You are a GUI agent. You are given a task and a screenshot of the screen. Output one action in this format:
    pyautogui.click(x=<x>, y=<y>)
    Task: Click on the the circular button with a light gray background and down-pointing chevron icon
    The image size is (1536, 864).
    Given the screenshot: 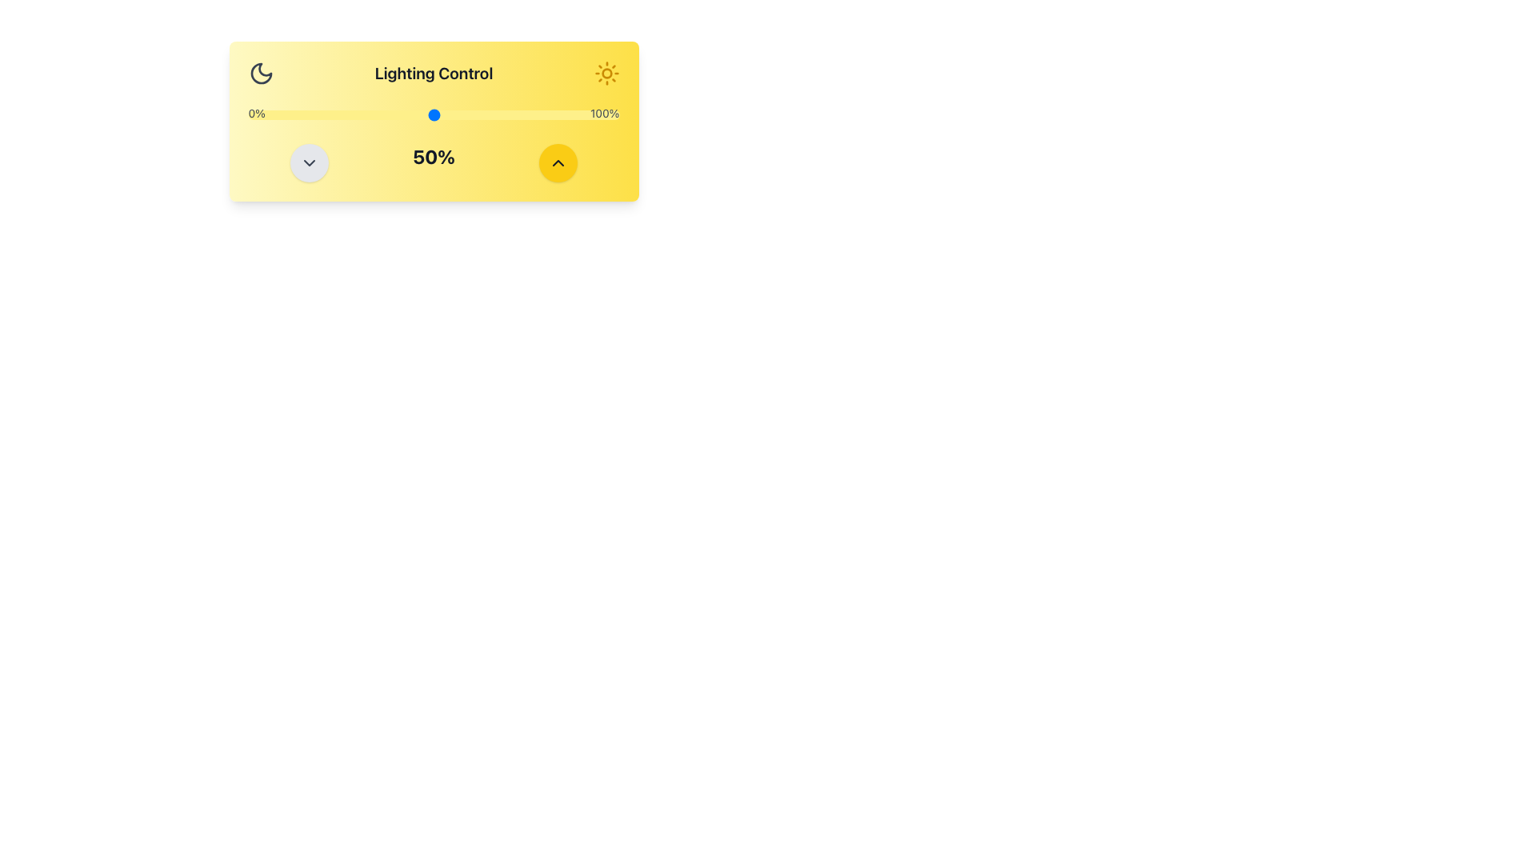 What is the action you would take?
    pyautogui.click(x=309, y=163)
    